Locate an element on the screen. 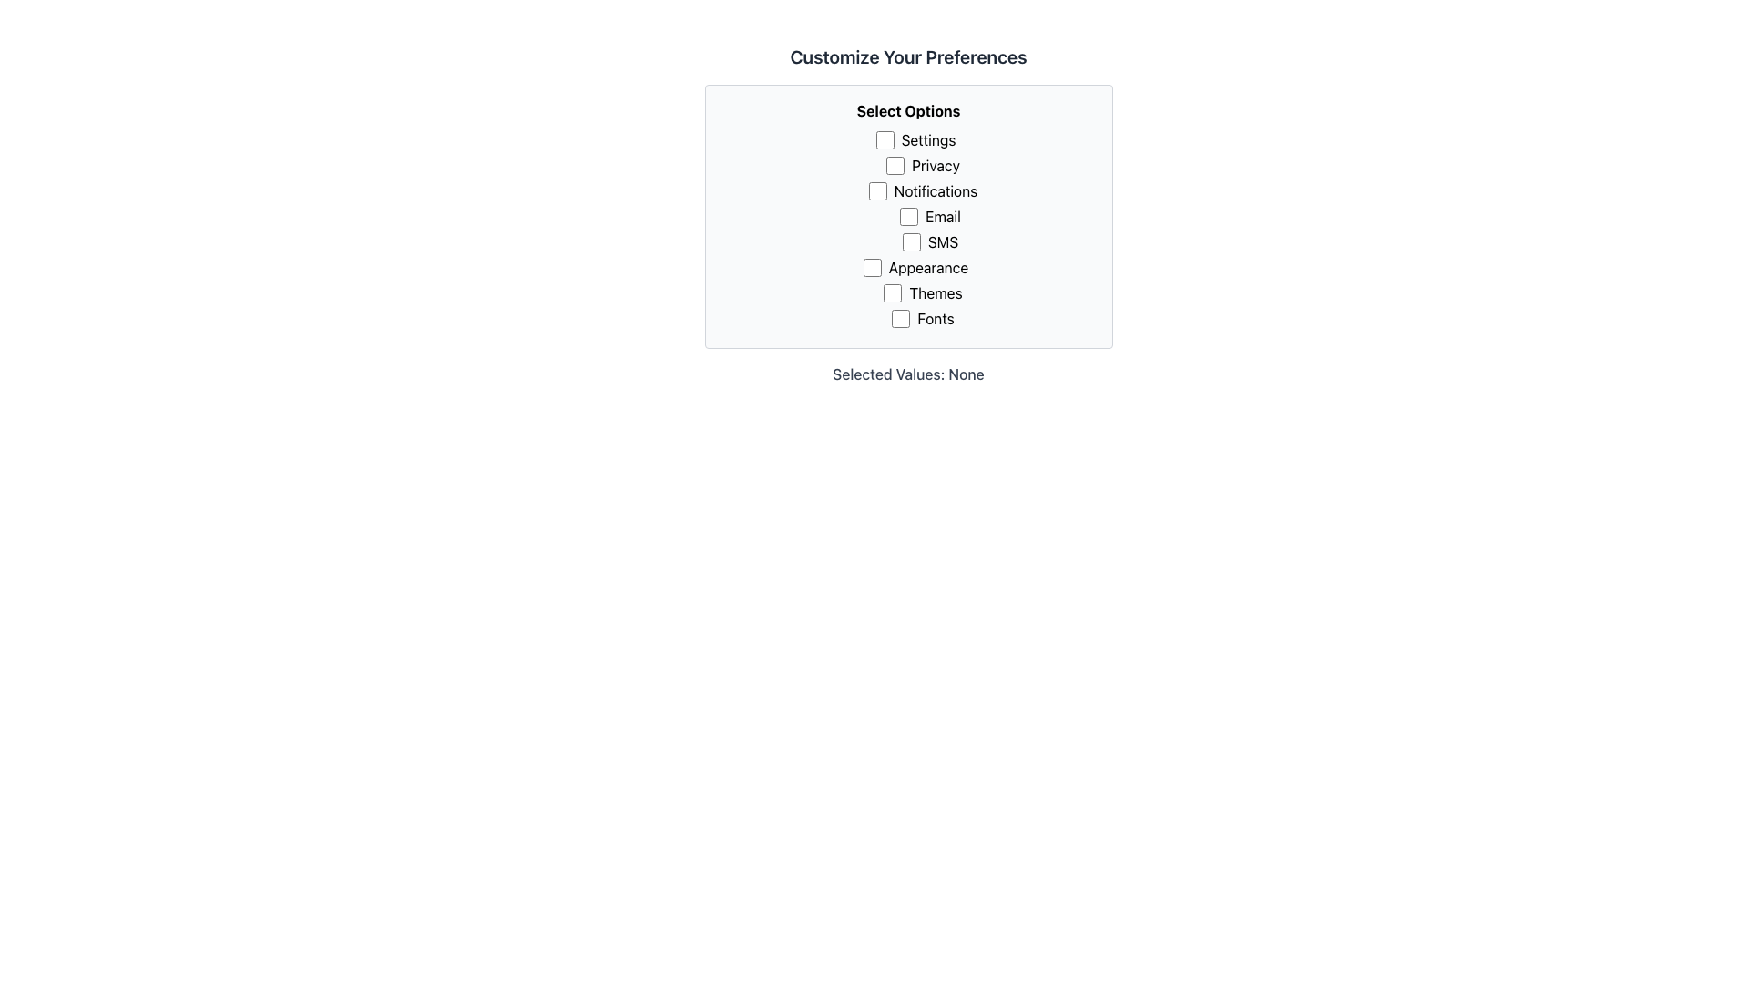 The image size is (1749, 984). the 'Email' checkbox is located at coordinates (908, 216).